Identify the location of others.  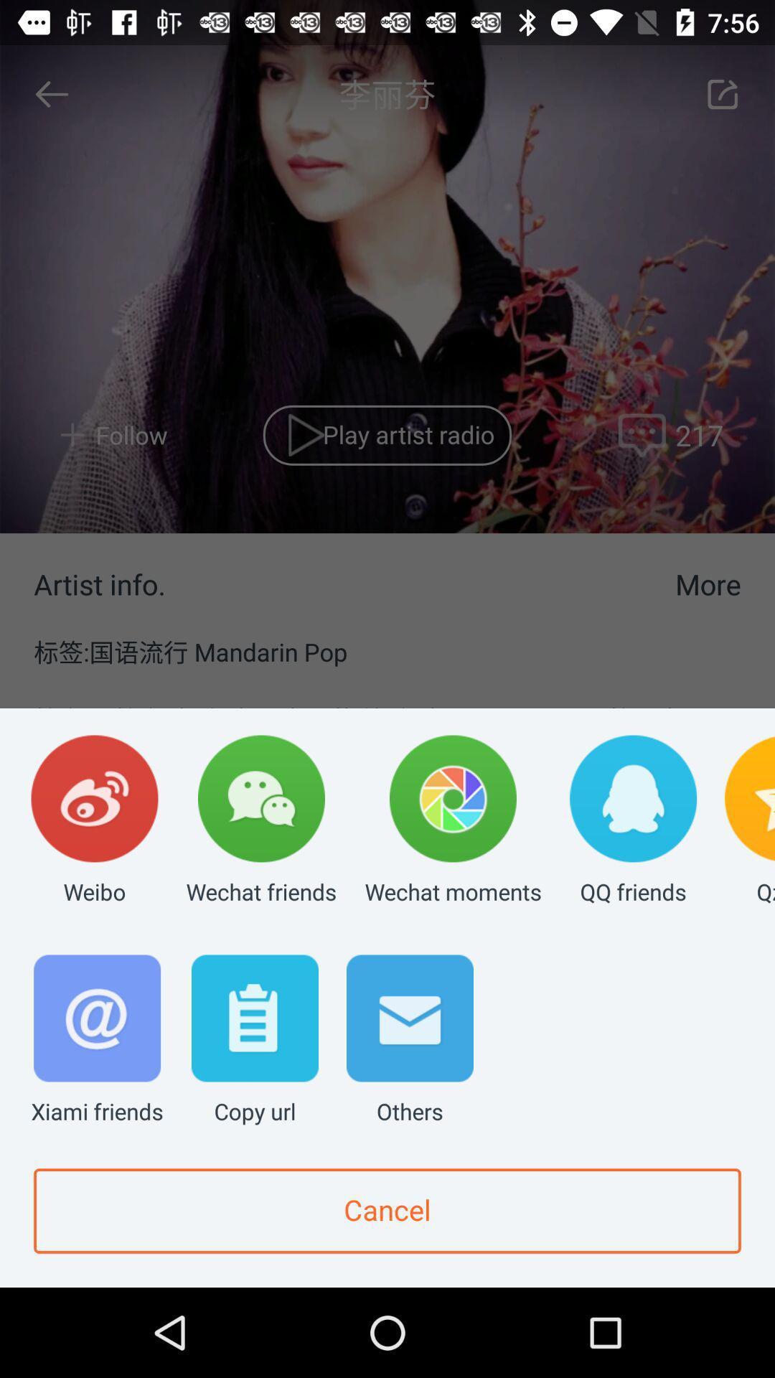
(410, 1041).